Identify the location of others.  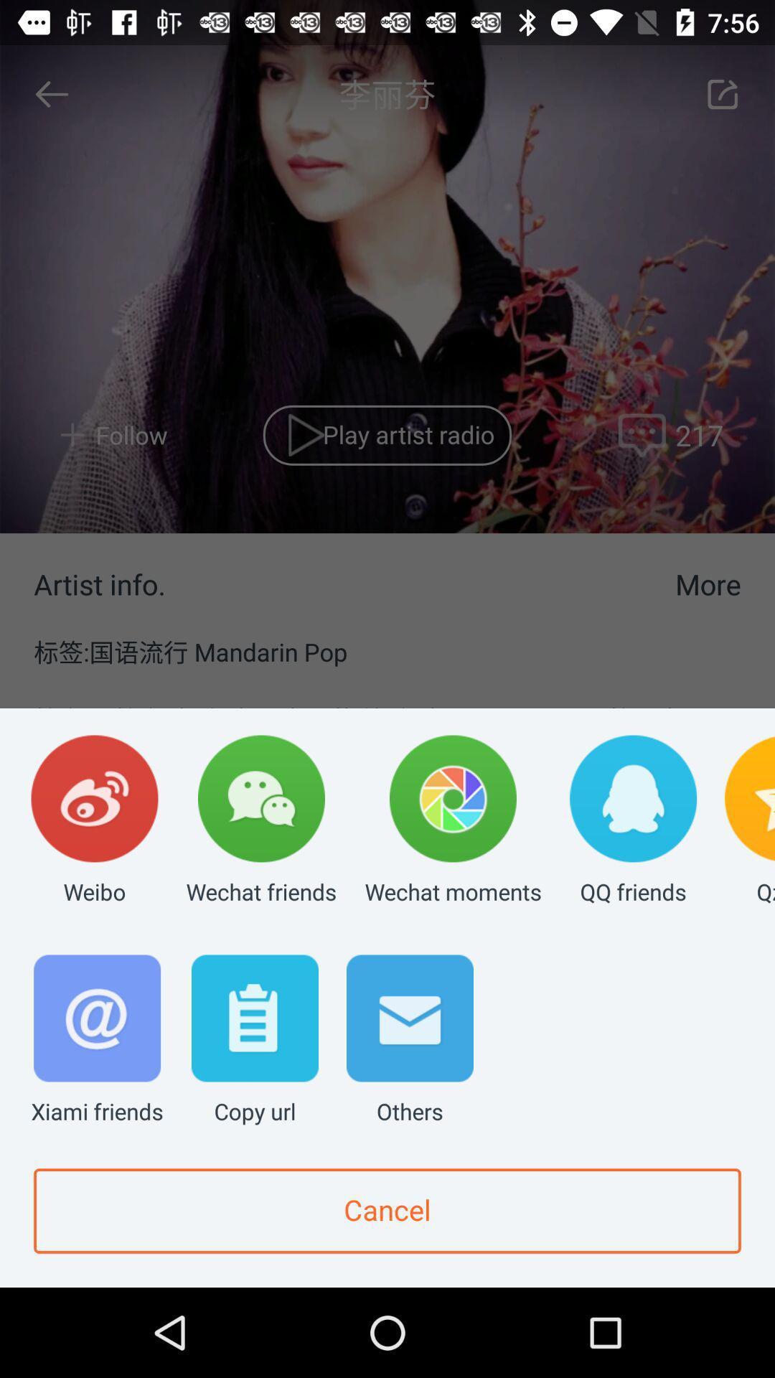
(410, 1041).